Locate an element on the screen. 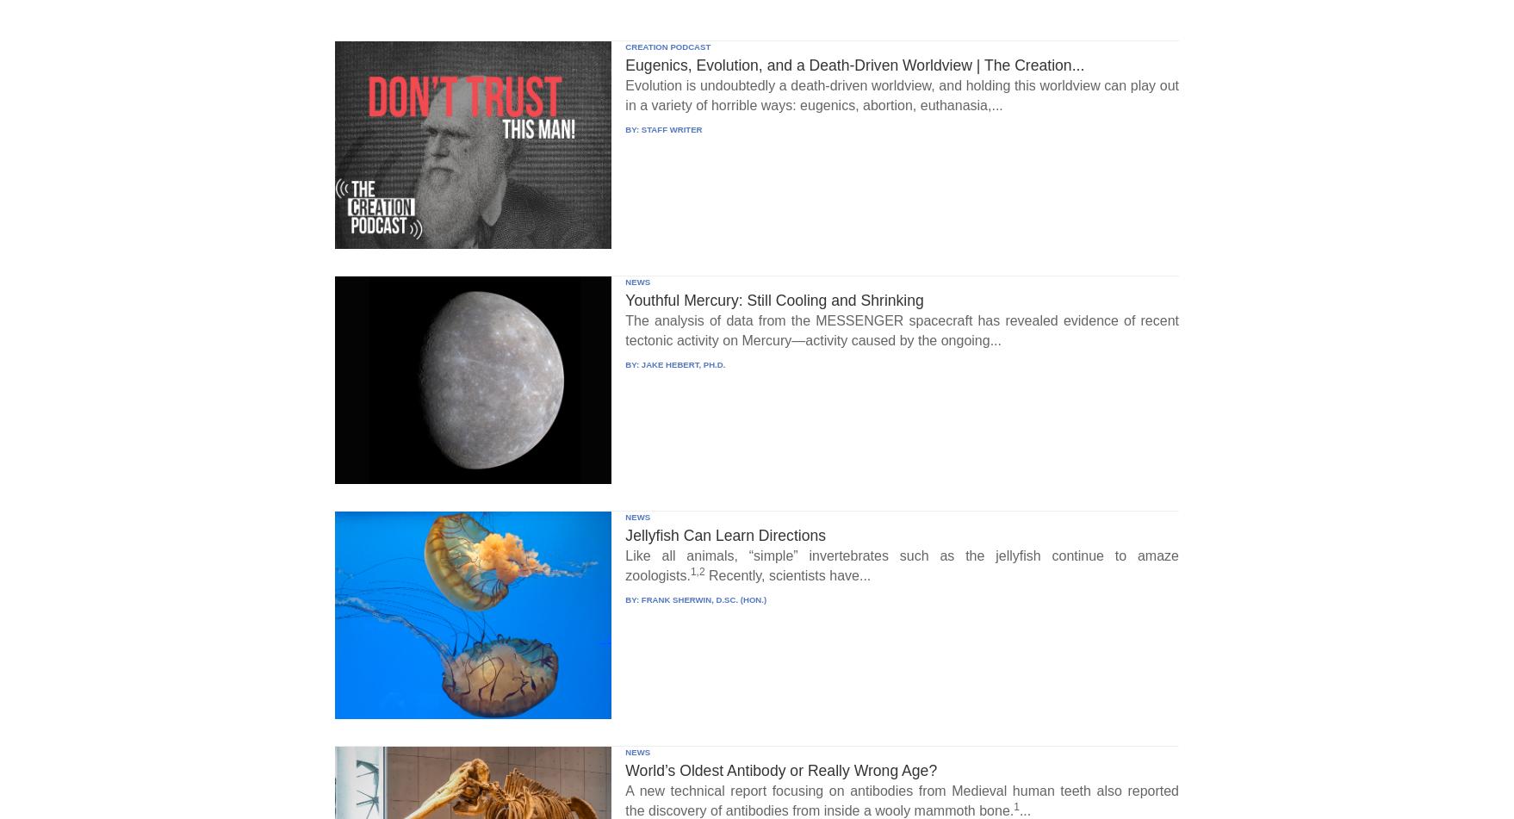  'FRANK SHERWIN, D.SC. (HON.)' is located at coordinates (702, 598).